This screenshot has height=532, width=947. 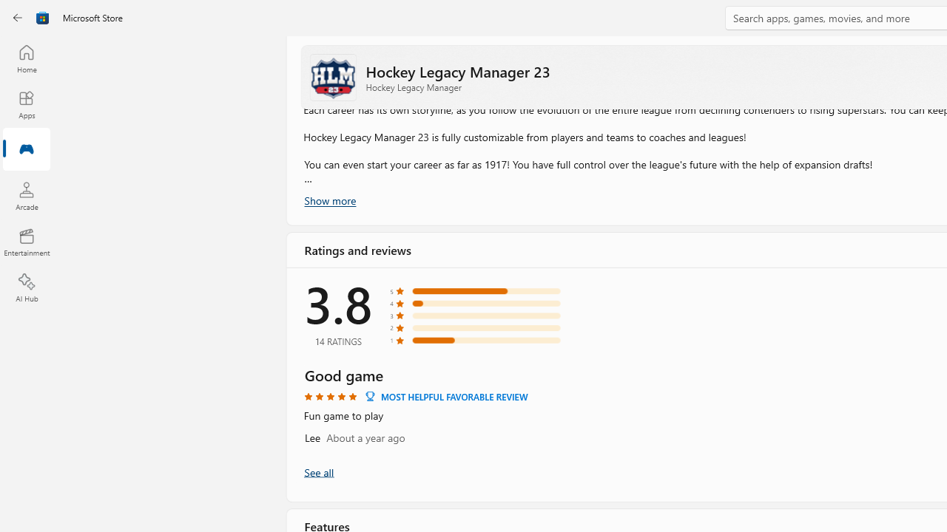 What do you see at coordinates (328, 200) in the screenshot?
I see `'Show more'` at bounding box center [328, 200].